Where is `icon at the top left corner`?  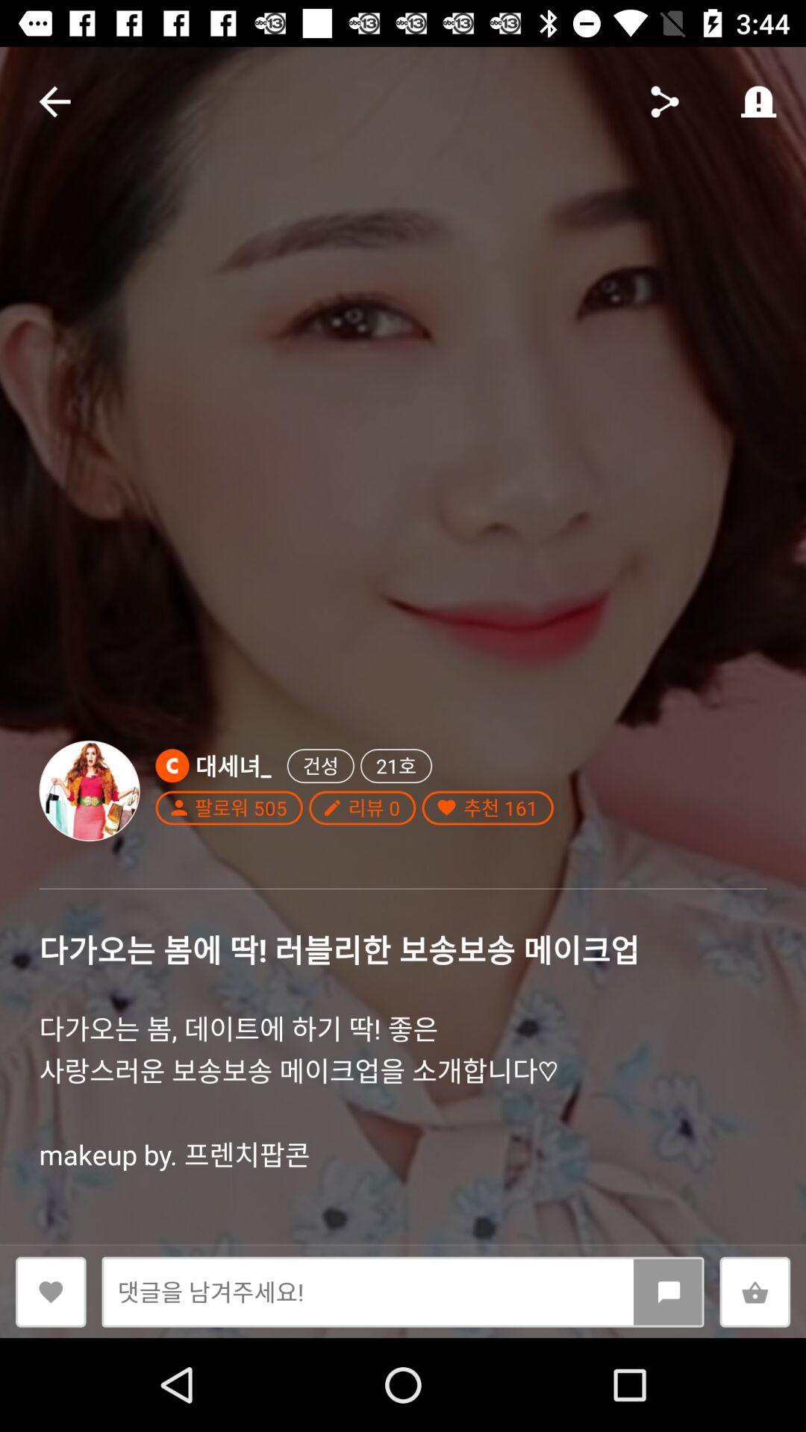 icon at the top left corner is located at coordinates (54, 101).